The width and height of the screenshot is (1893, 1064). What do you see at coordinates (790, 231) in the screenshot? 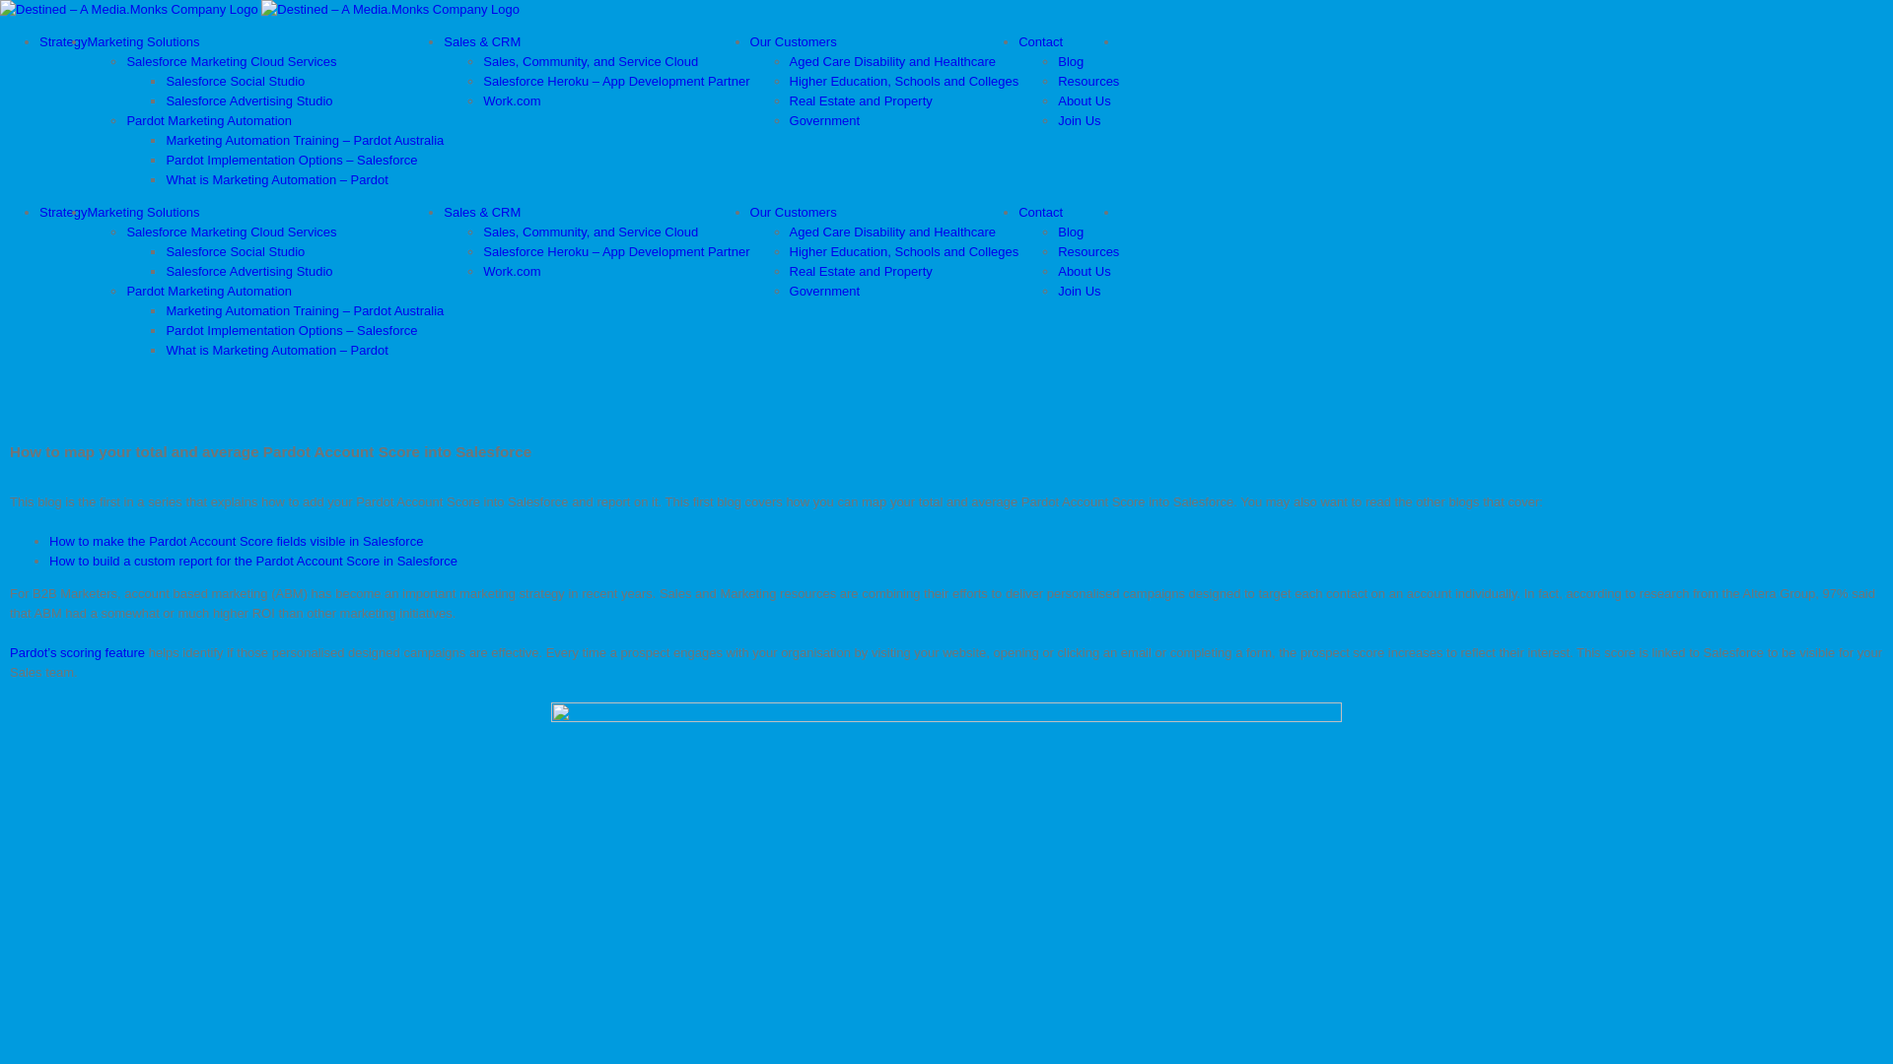
I see `'Aged Care Disability and Healthcare'` at bounding box center [790, 231].